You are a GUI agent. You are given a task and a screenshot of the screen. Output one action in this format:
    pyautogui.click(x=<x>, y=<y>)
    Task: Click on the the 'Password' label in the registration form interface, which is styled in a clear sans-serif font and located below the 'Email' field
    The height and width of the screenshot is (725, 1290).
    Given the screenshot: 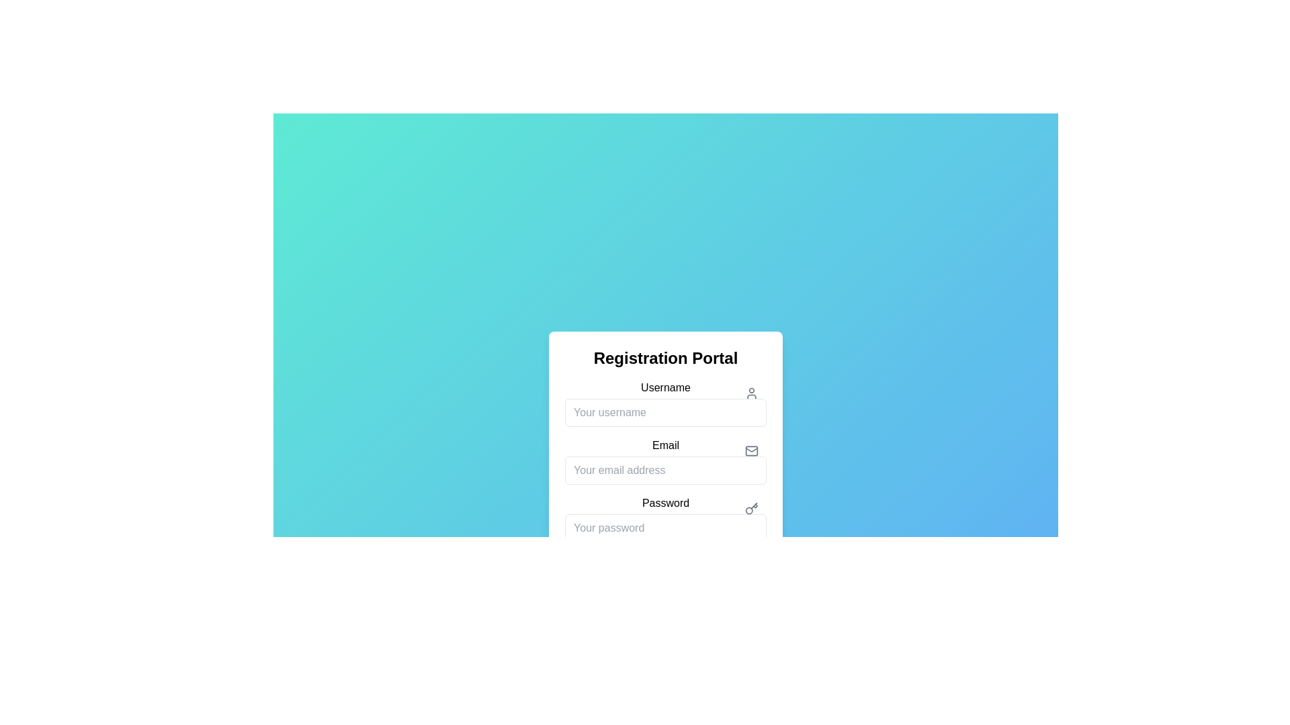 What is the action you would take?
    pyautogui.click(x=665, y=502)
    